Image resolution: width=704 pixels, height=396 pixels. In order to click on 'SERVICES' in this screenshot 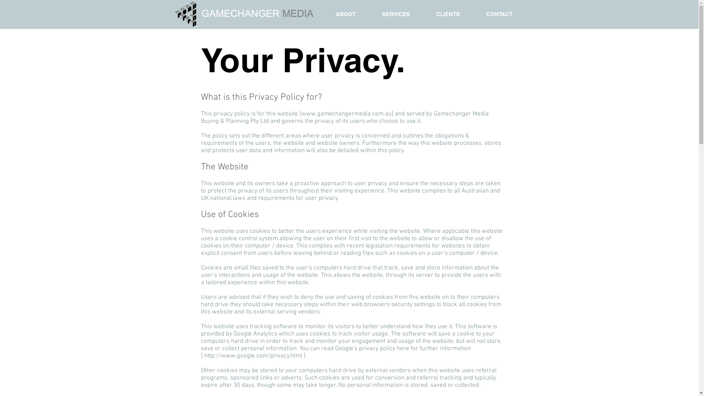, I will do `click(396, 14)`.